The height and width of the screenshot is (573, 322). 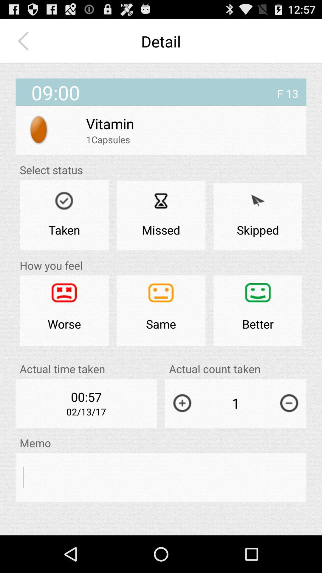 What do you see at coordinates (64, 310) in the screenshot?
I see `icon above the actual time taken app` at bounding box center [64, 310].